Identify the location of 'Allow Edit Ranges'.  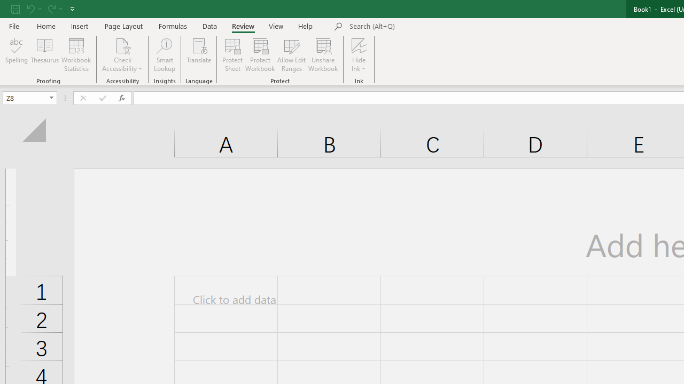
(291, 55).